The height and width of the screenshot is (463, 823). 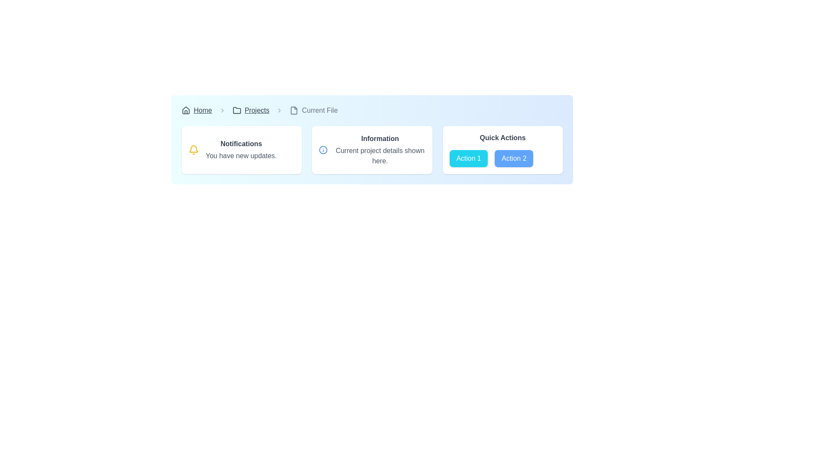 What do you see at coordinates (237, 110) in the screenshot?
I see `the folder icon in the breadcrumb navigation bar located to the left of the text 'Projects'` at bounding box center [237, 110].